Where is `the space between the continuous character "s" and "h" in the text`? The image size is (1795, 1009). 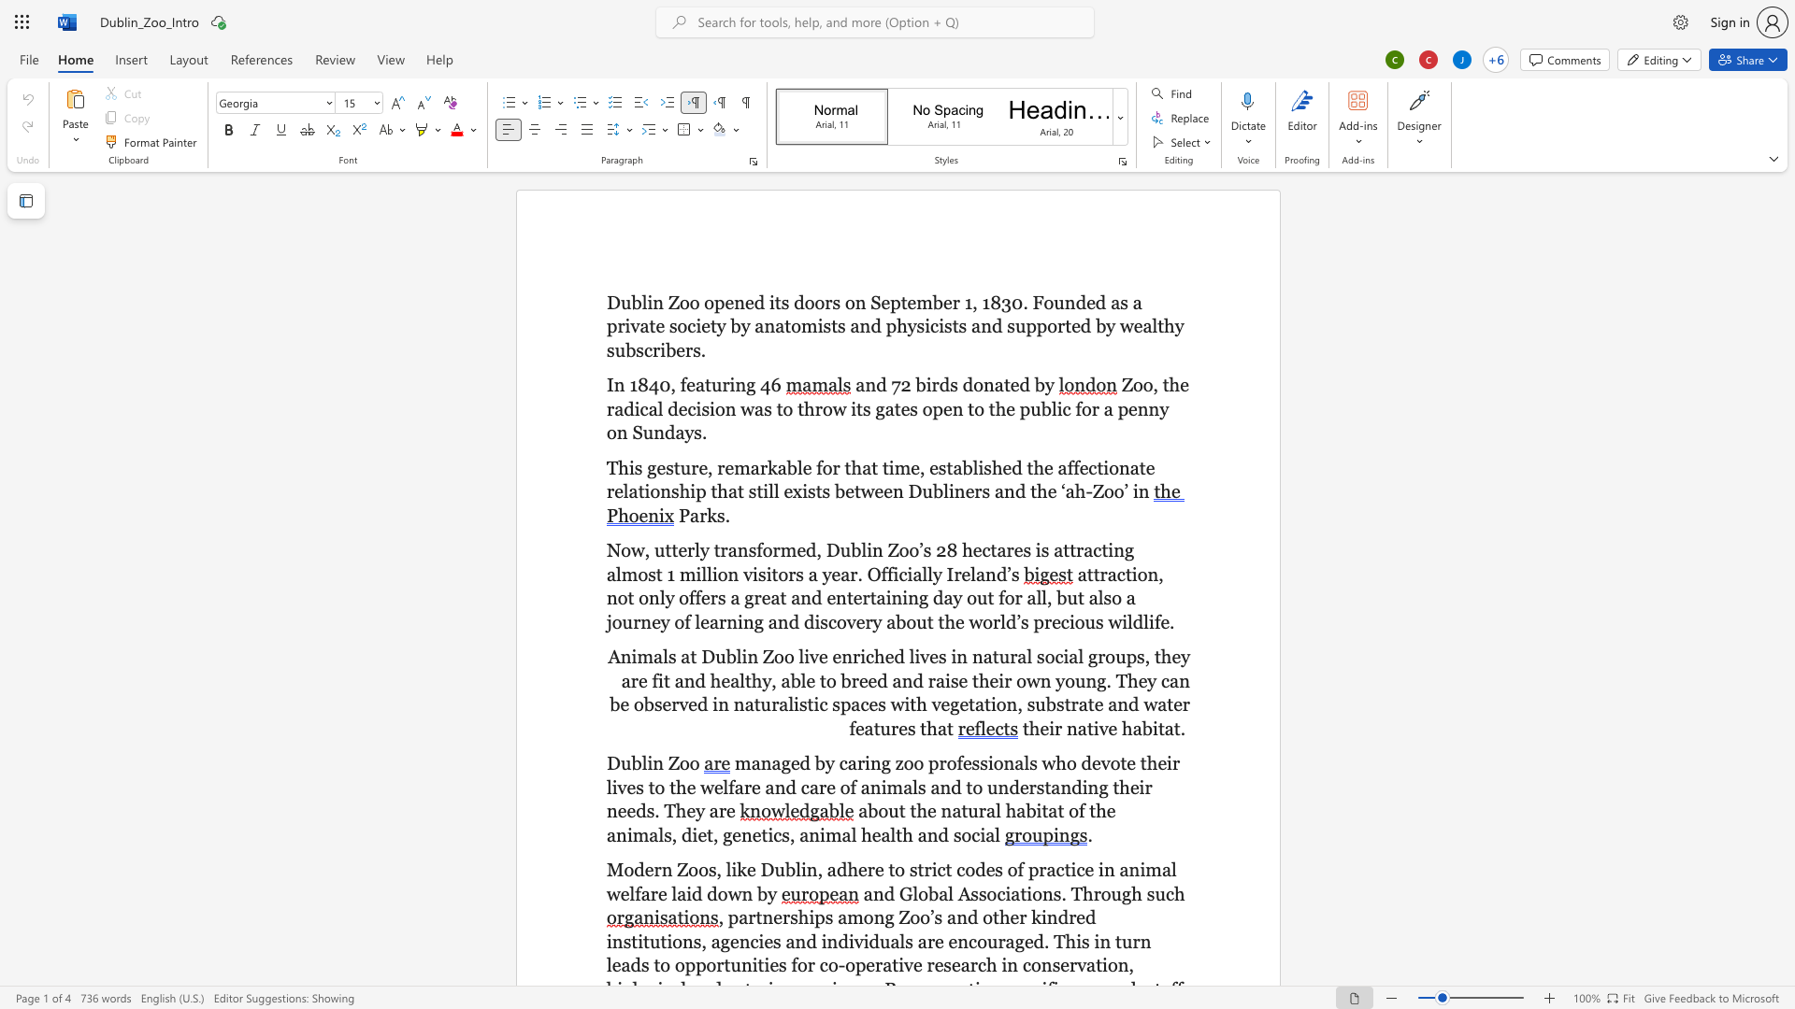
the space between the continuous character "s" and "h" in the text is located at coordinates (991, 466).